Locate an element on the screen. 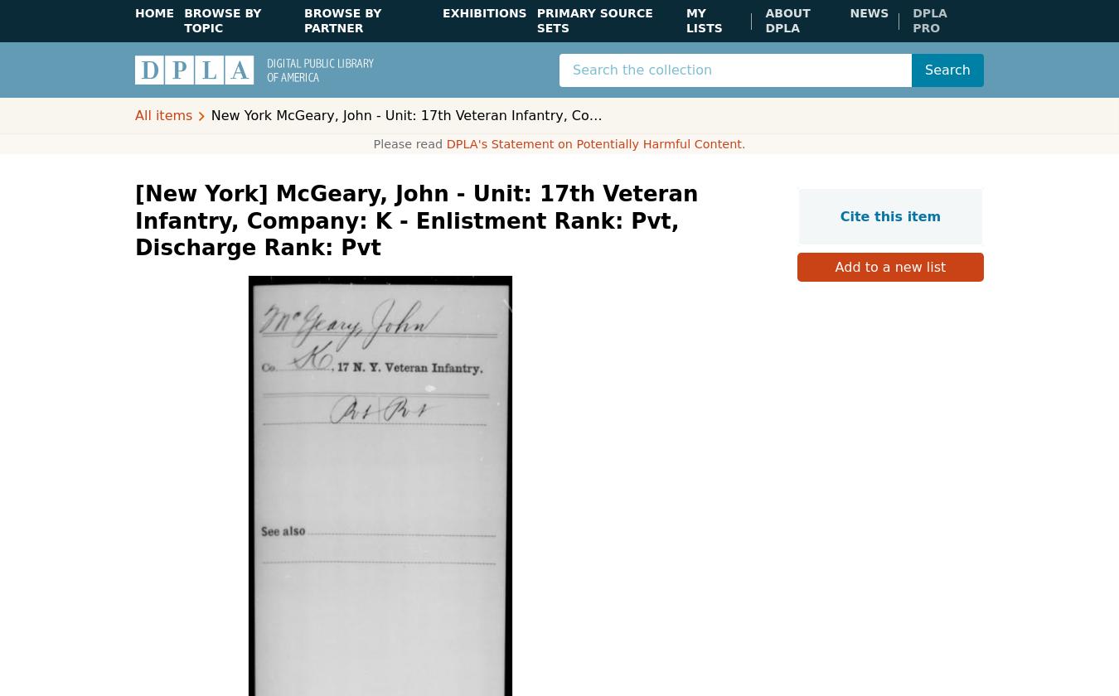 This screenshot has width=1119, height=696. 'Exhibitions' is located at coordinates (442, 12).